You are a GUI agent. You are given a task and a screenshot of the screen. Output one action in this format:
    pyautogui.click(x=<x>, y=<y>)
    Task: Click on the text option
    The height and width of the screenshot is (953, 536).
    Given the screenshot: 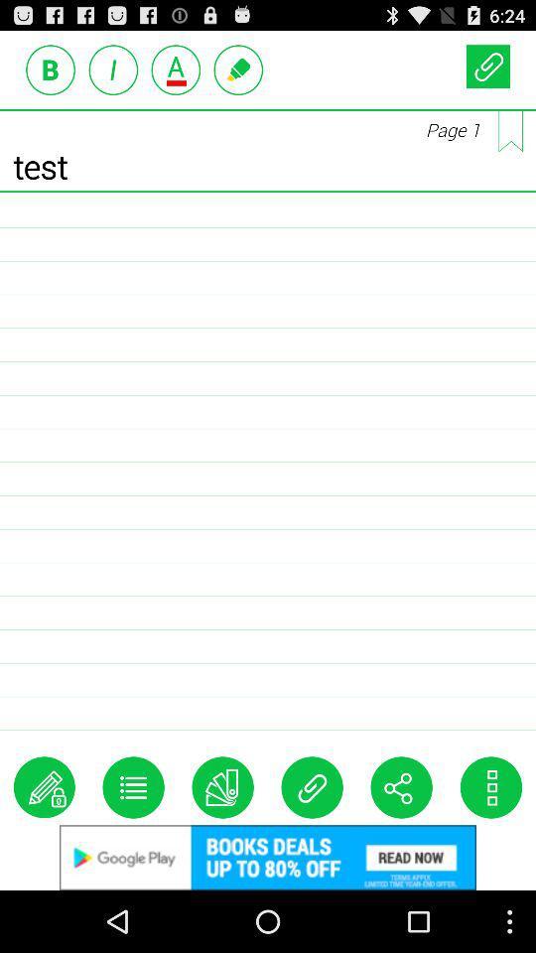 What is the action you would take?
    pyautogui.click(x=238, y=69)
    